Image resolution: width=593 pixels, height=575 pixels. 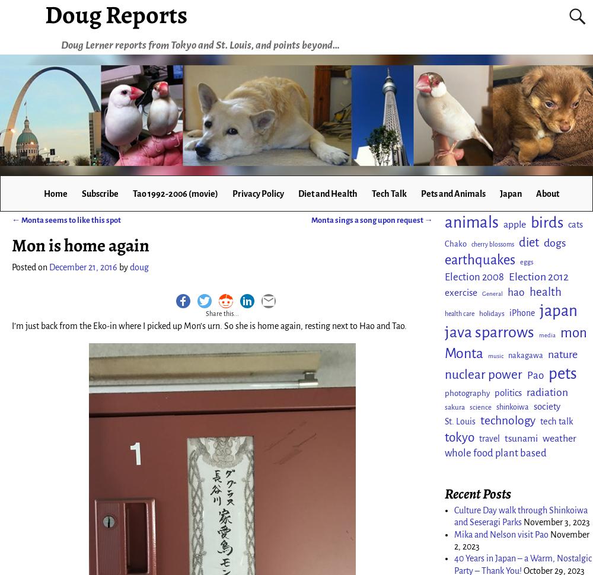 I want to click on 'Subscribe', so click(x=100, y=193).